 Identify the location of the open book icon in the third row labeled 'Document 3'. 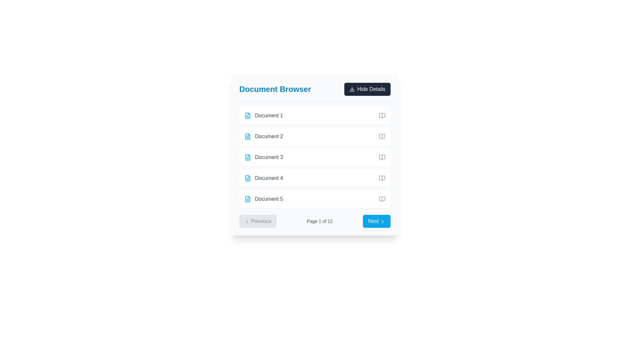
(382, 157).